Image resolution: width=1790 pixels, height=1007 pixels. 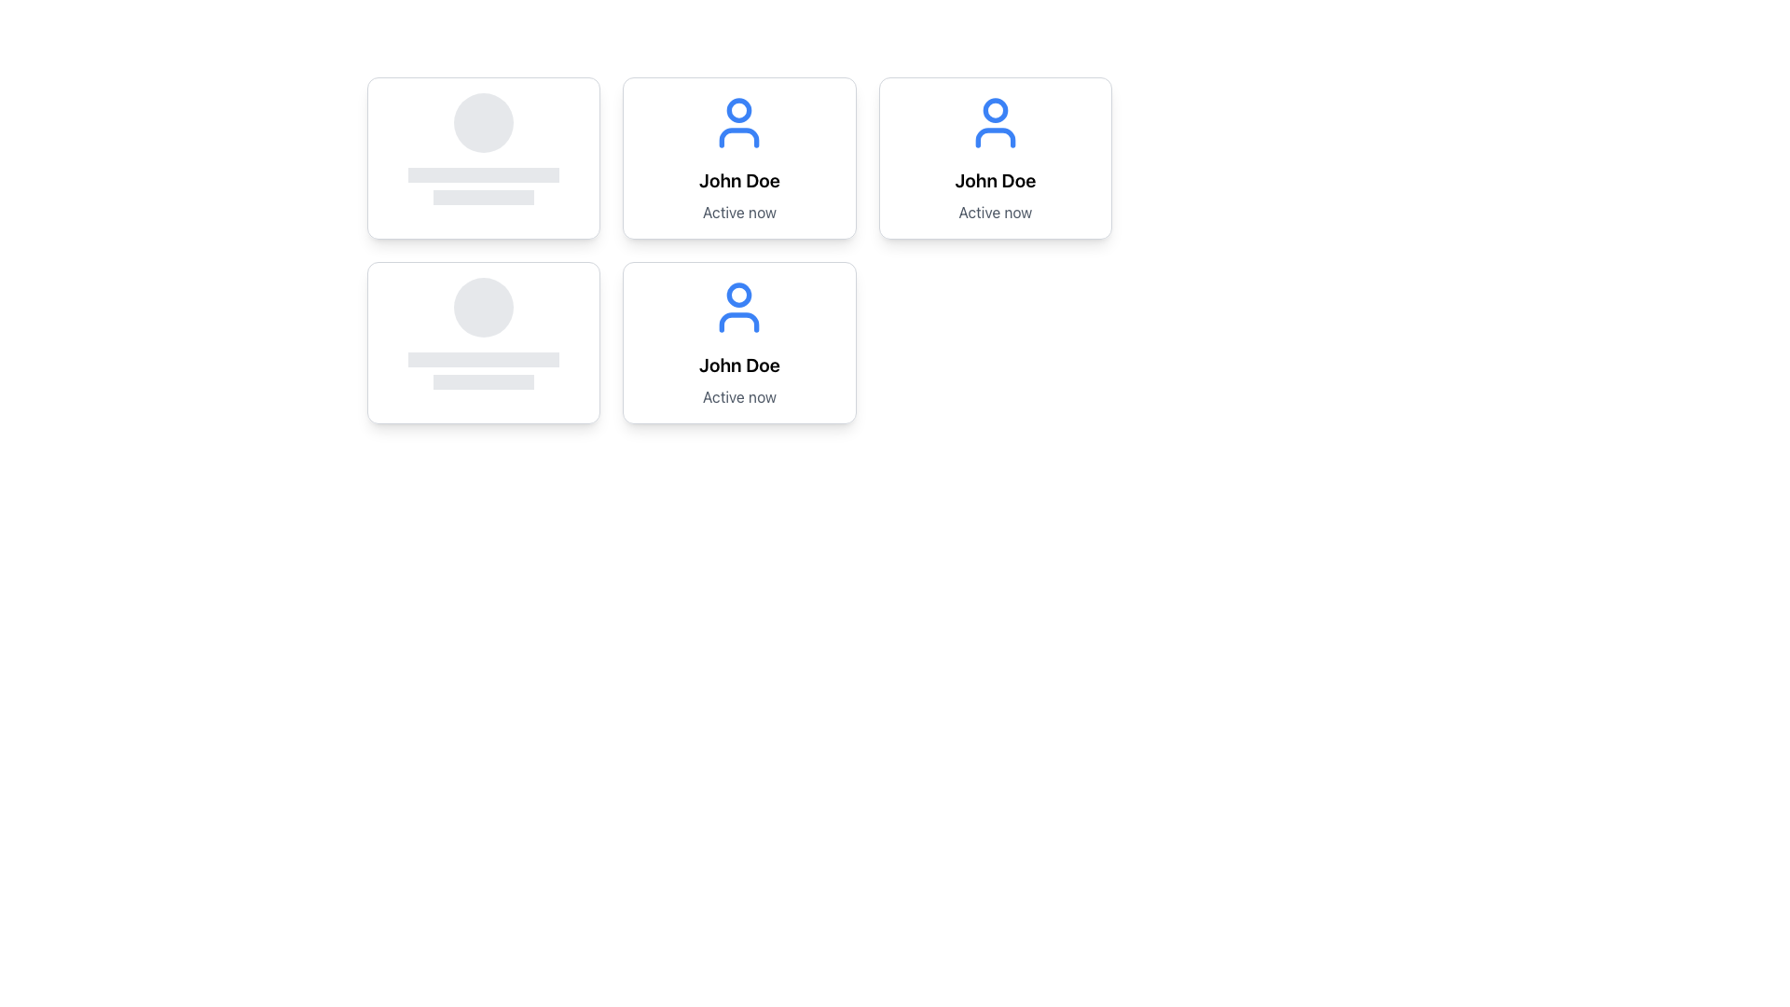 What do you see at coordinates (484, 333) in the screenshot?
I see `the Placeholder Card element, which displays a gray box layout mimicking a profile image and text lines, located in the second row and first column of a 3x2 grid` at bounding box center [484, 333].